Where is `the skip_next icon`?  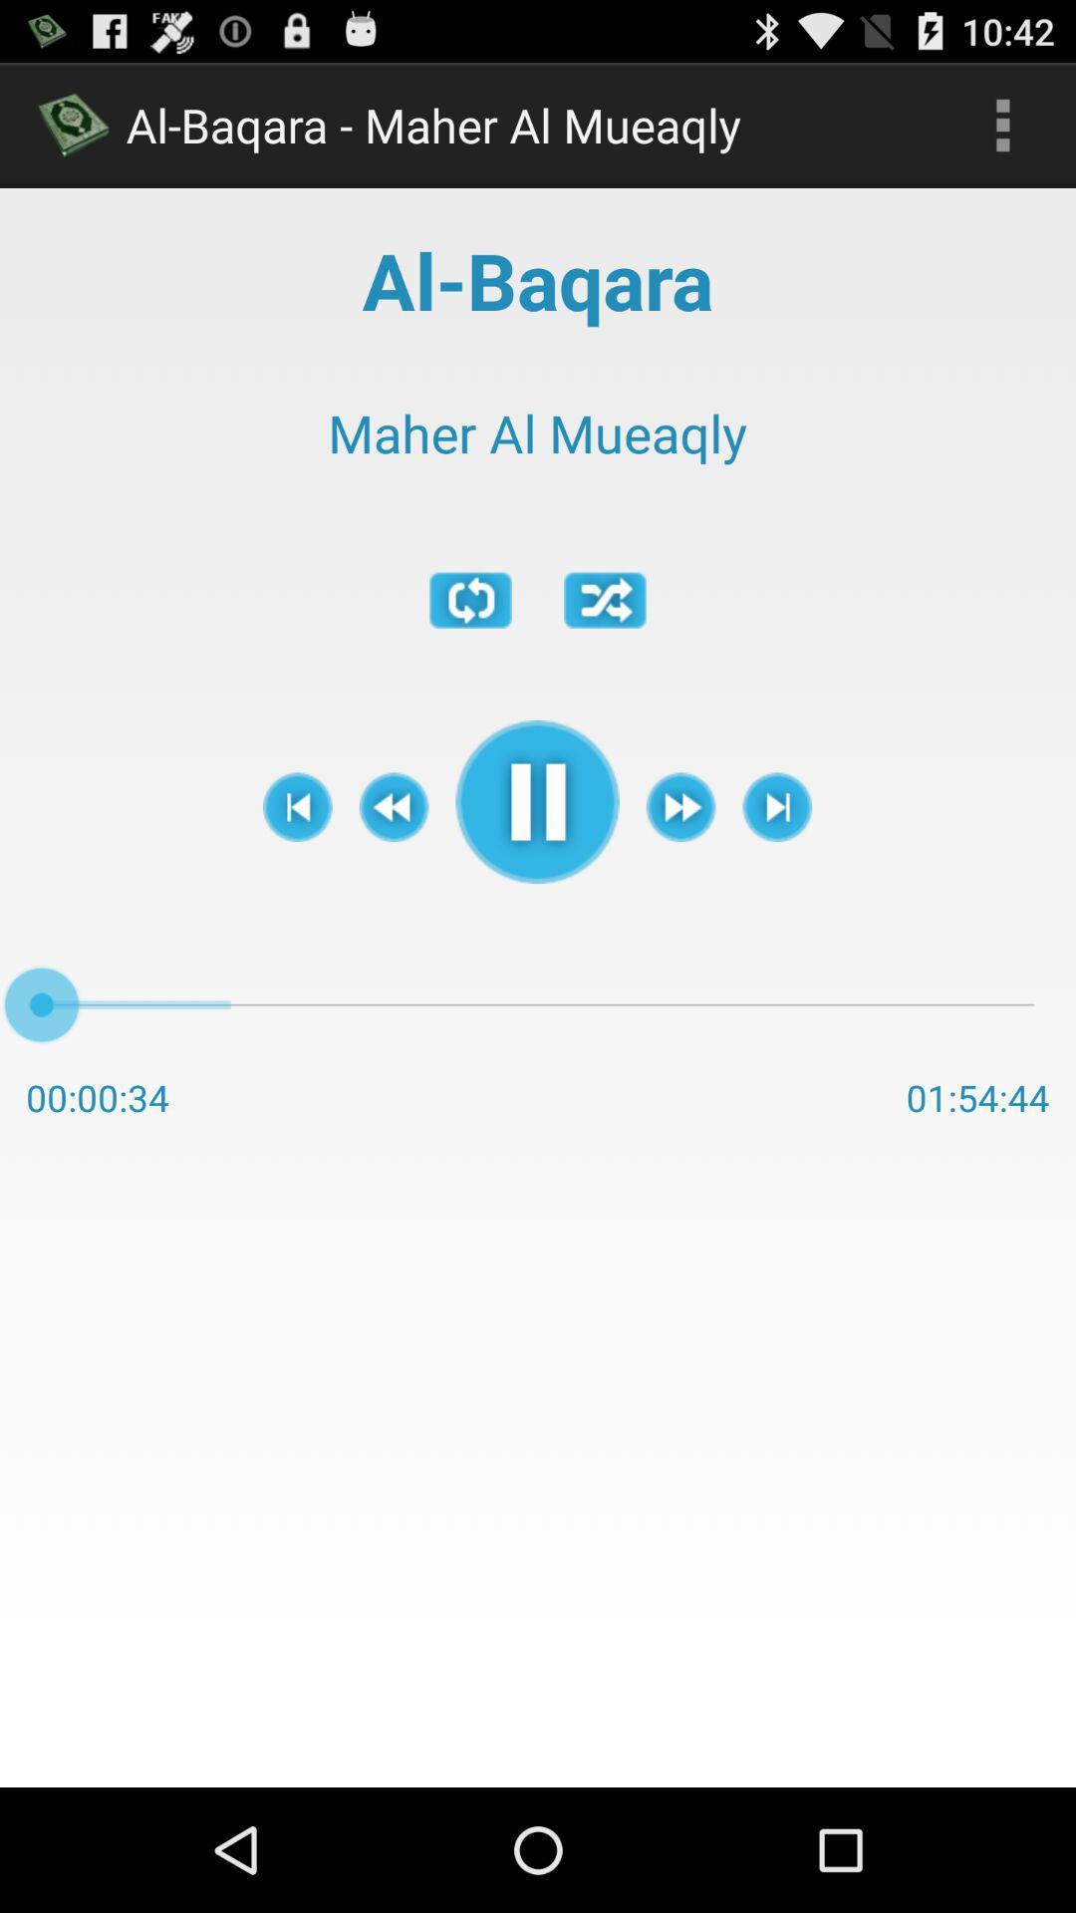 the skip_next icon is located at coordinates (776, 864).